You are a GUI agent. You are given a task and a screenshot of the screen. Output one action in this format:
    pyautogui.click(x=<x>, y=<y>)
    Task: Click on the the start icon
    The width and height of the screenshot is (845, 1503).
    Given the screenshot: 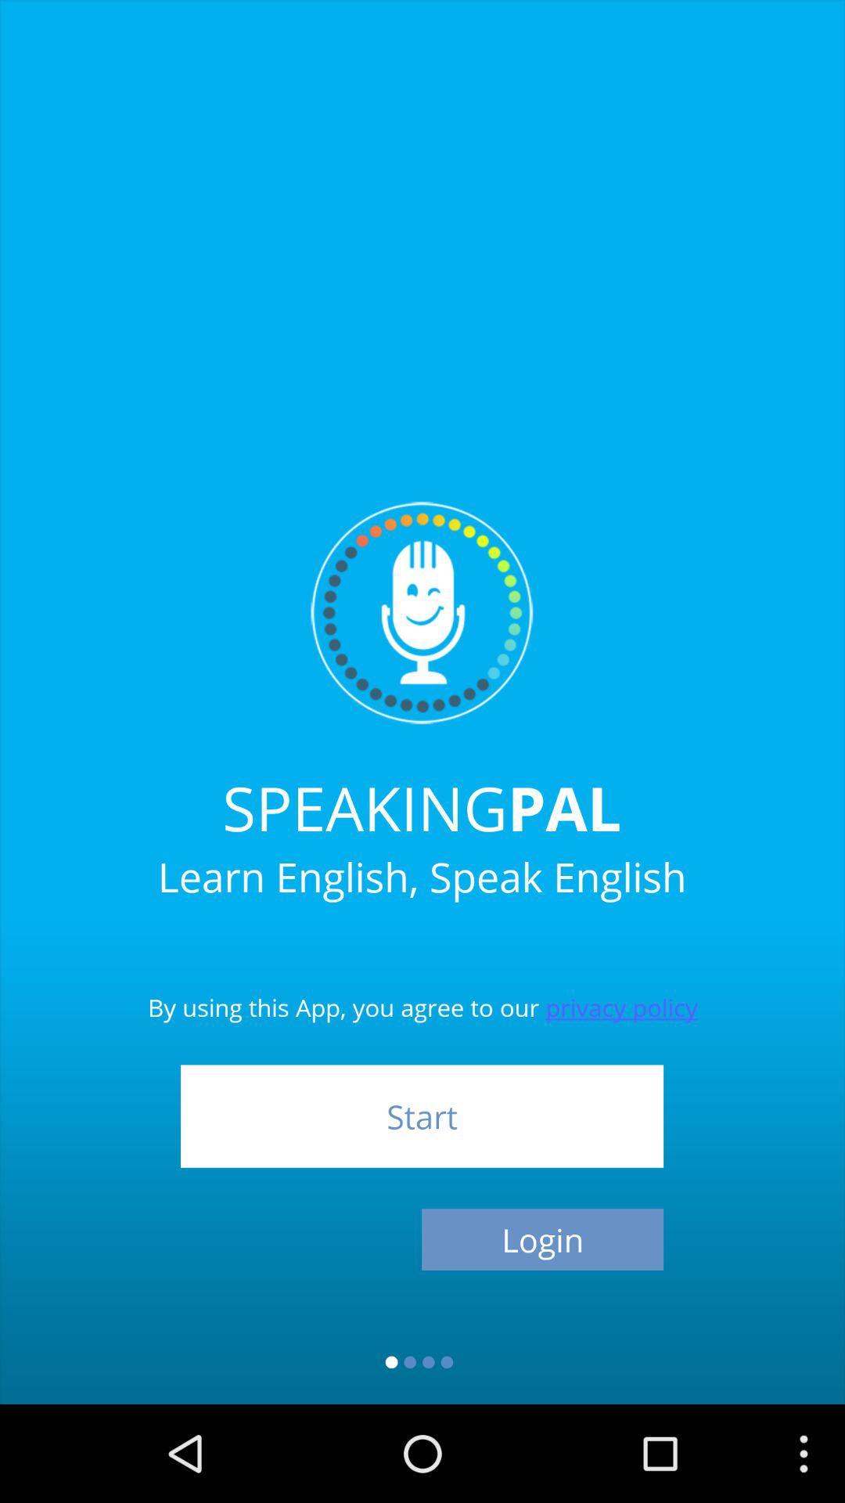 What is the action you would take?
    pyautogui.click(x=421, y=1116)
    